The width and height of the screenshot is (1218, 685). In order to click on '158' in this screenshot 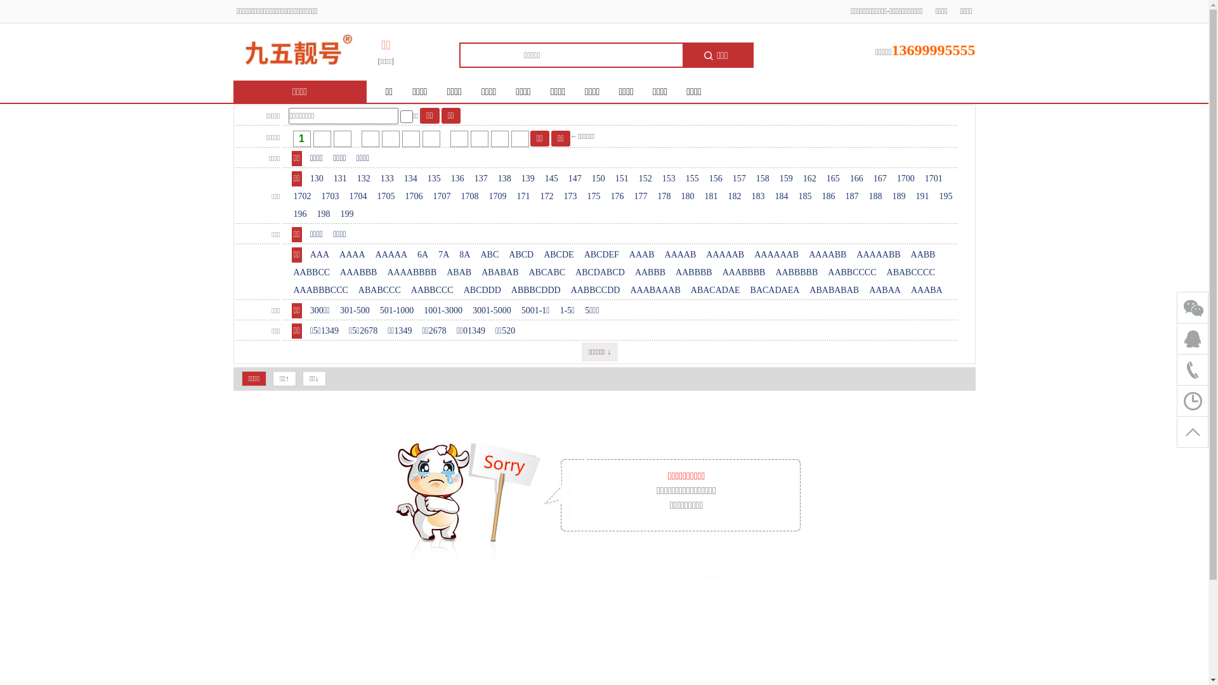, I will do `click(762, 178)`.